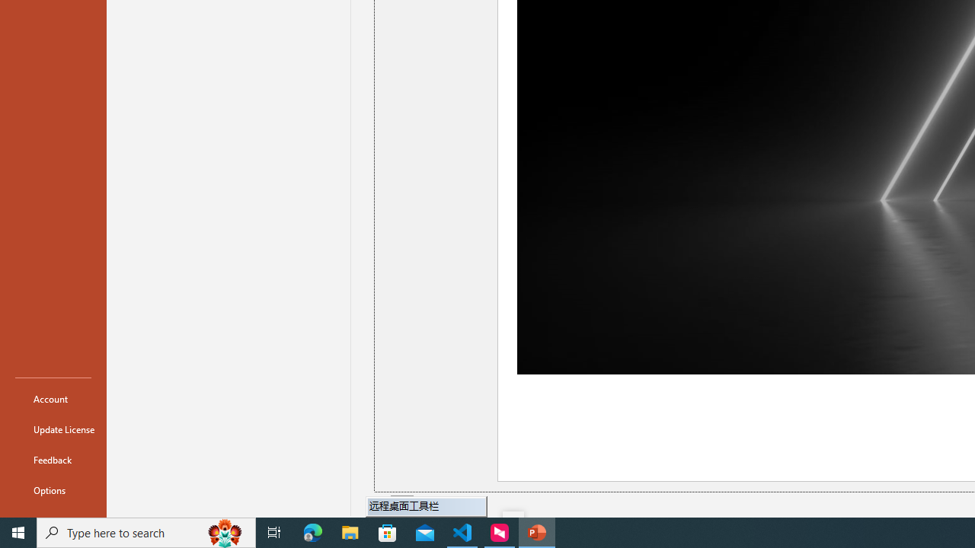 This screenshot has height=548, width=975. What do you see at coordinates (53, 398) in the screenshot?
I see `'Account'` at bounding box center [53, 398].